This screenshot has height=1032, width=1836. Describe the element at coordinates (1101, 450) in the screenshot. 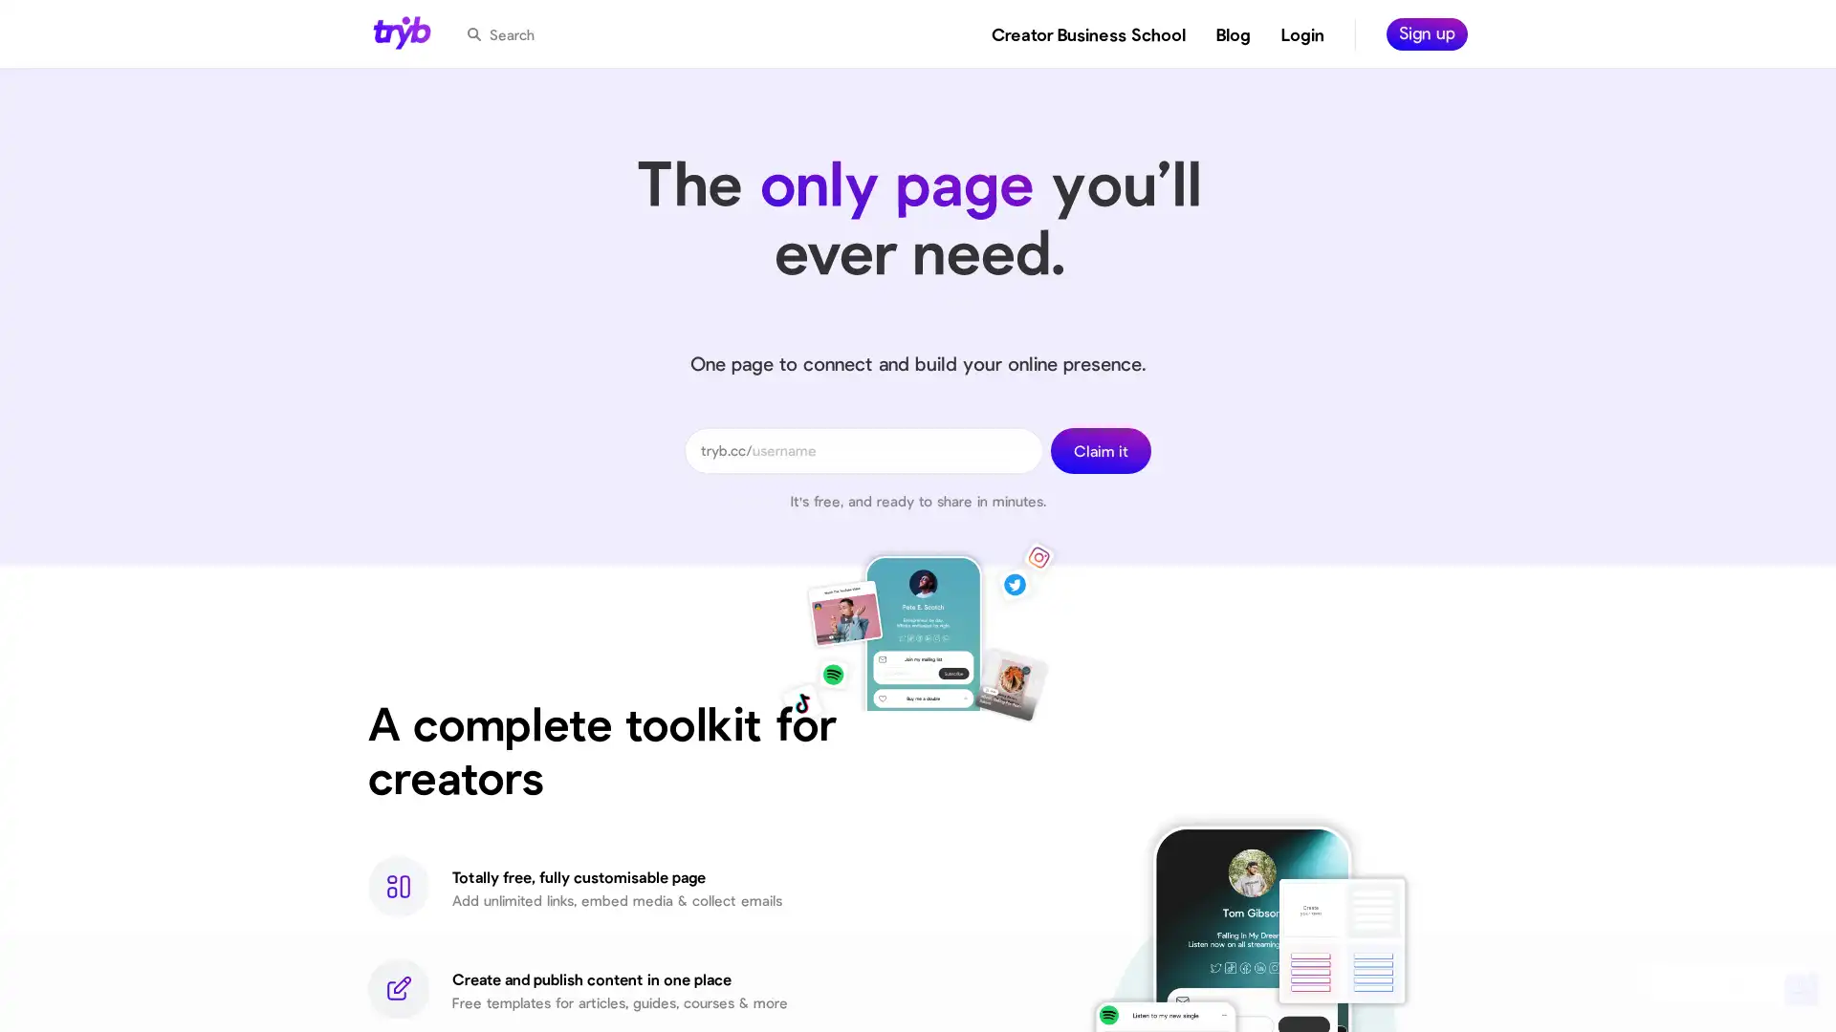

I see `Claim it` at that location.